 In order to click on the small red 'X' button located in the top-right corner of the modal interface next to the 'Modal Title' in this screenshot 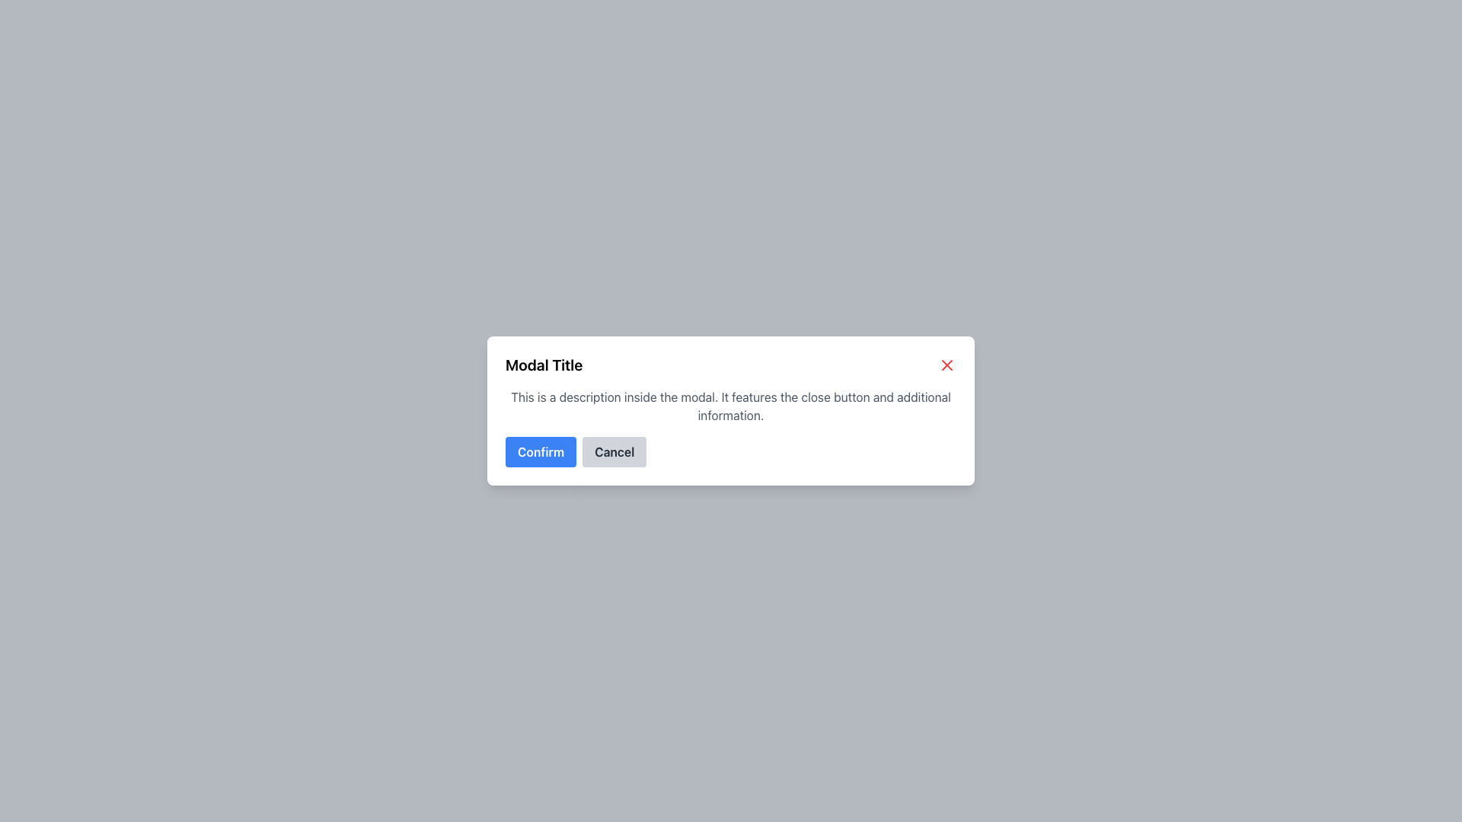, I will do `click(946, 365)`.